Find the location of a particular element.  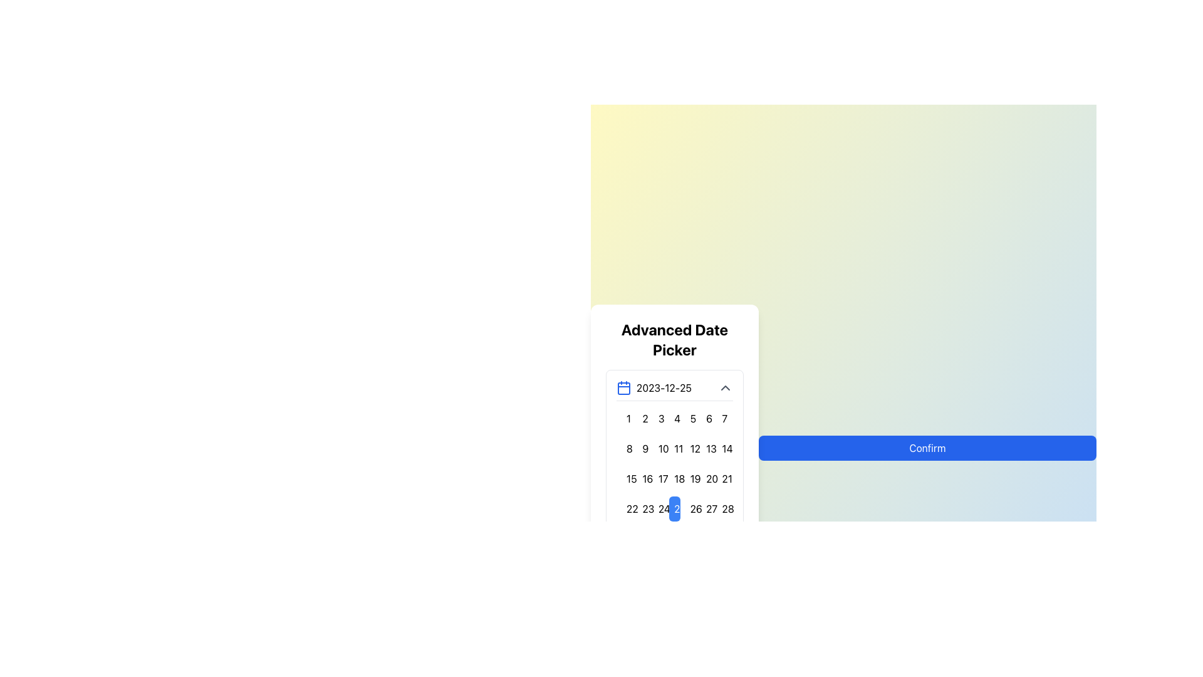

the text display showing the date '2023-12-25' which is positioned adjacent to the calendar icon within the date picker module is located at coordinates (664, 387).